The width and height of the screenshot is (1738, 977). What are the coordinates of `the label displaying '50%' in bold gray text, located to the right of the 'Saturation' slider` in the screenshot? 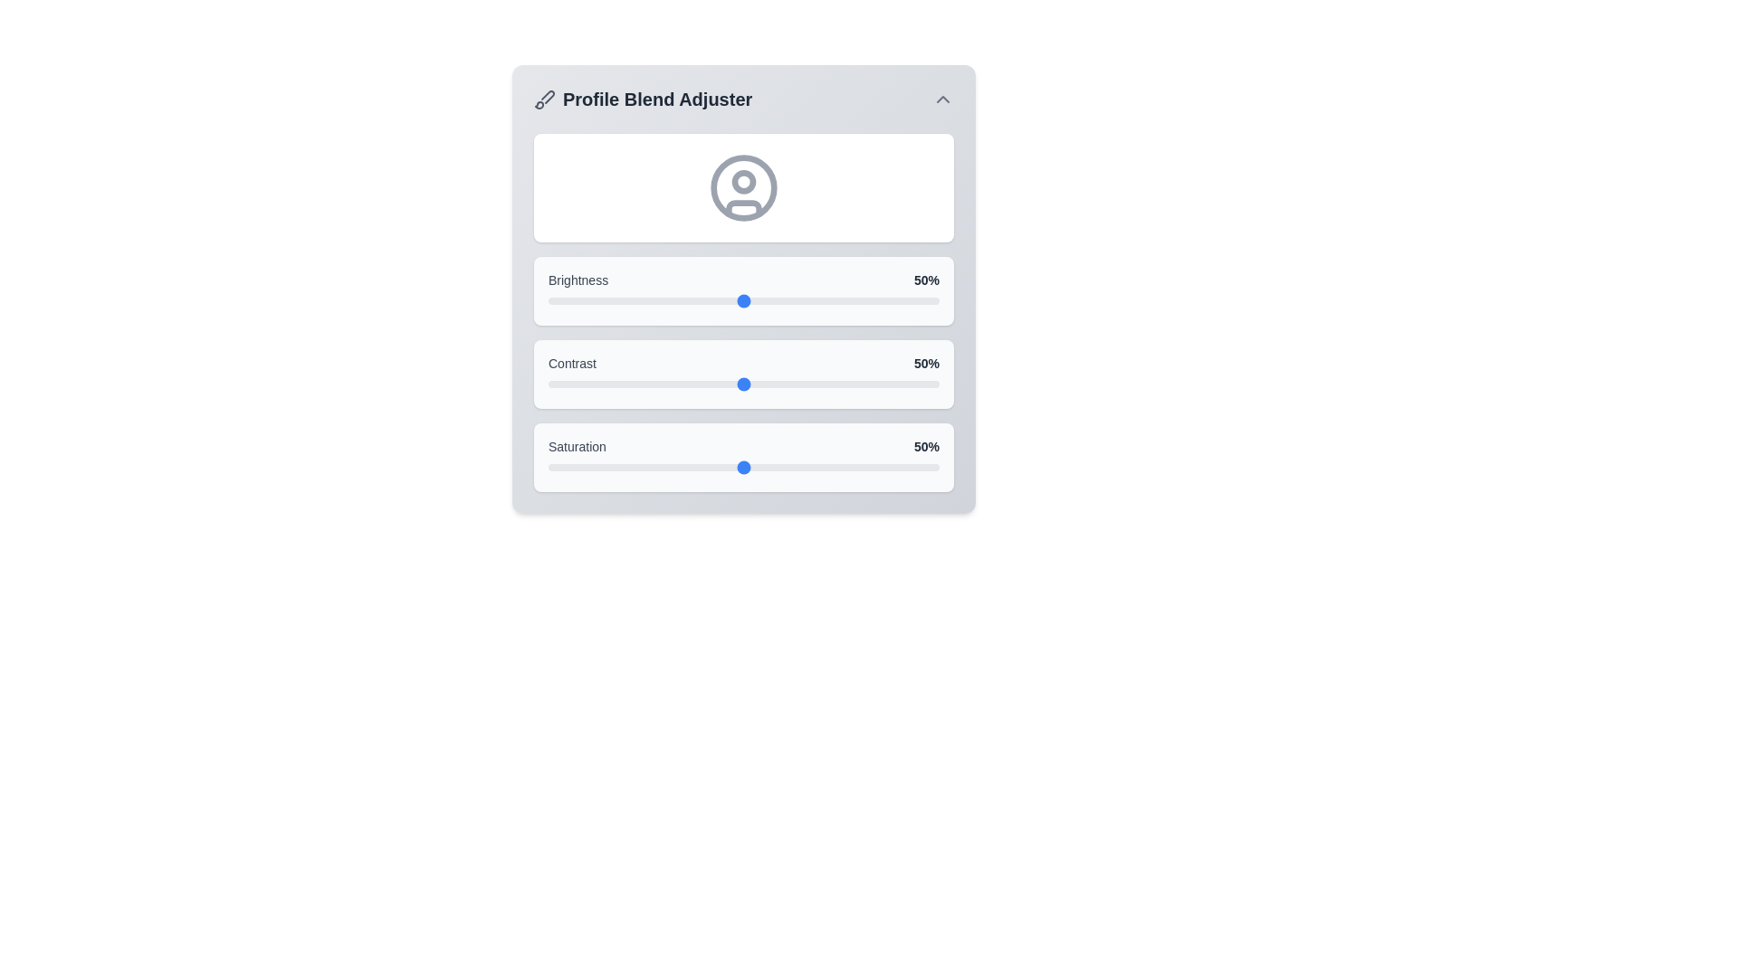 It's located at (926, 446).